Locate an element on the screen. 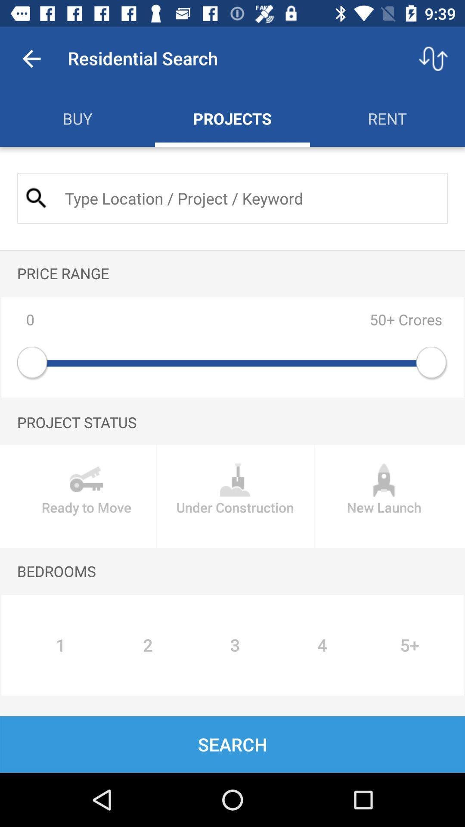 The height and width of the screenshot is (827, 465). the ready to move is located at coordinates (86, 496).